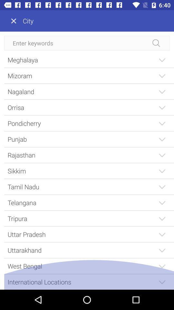  Describe the element at coordinates (162, 91) in the screenshot. I see `the drop down button beside nagaland` at that location.